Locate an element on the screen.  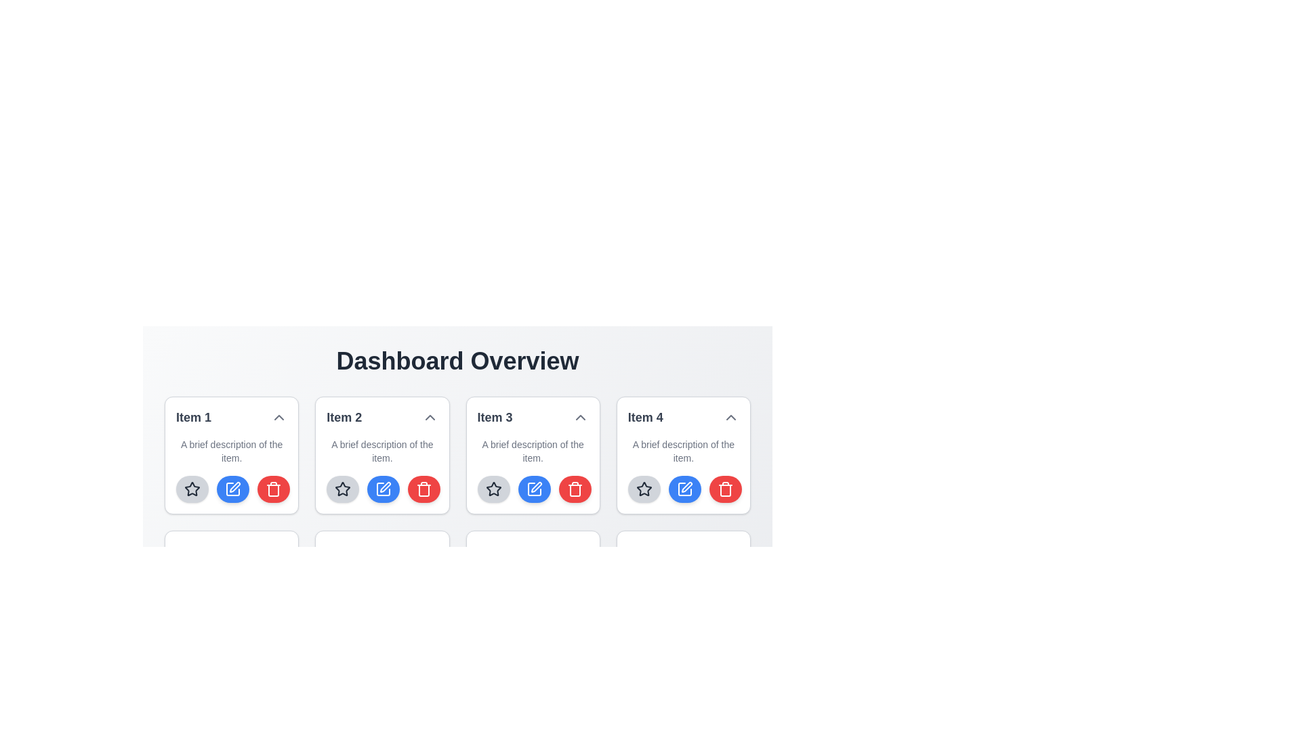
the upward chevron icon located at the top-right corner of the 'Item 4' card is located at coordinates (730, 417).